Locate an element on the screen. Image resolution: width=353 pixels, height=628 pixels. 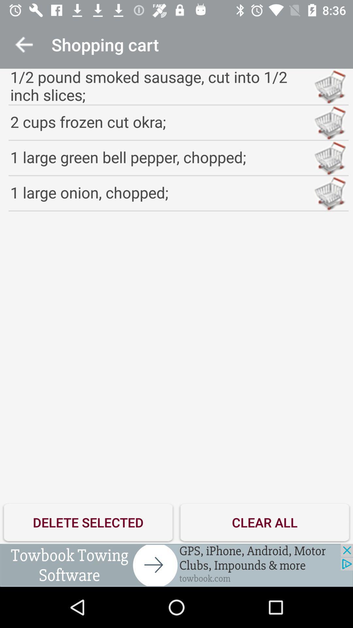
advertisement is located at coordinates (176, 565).